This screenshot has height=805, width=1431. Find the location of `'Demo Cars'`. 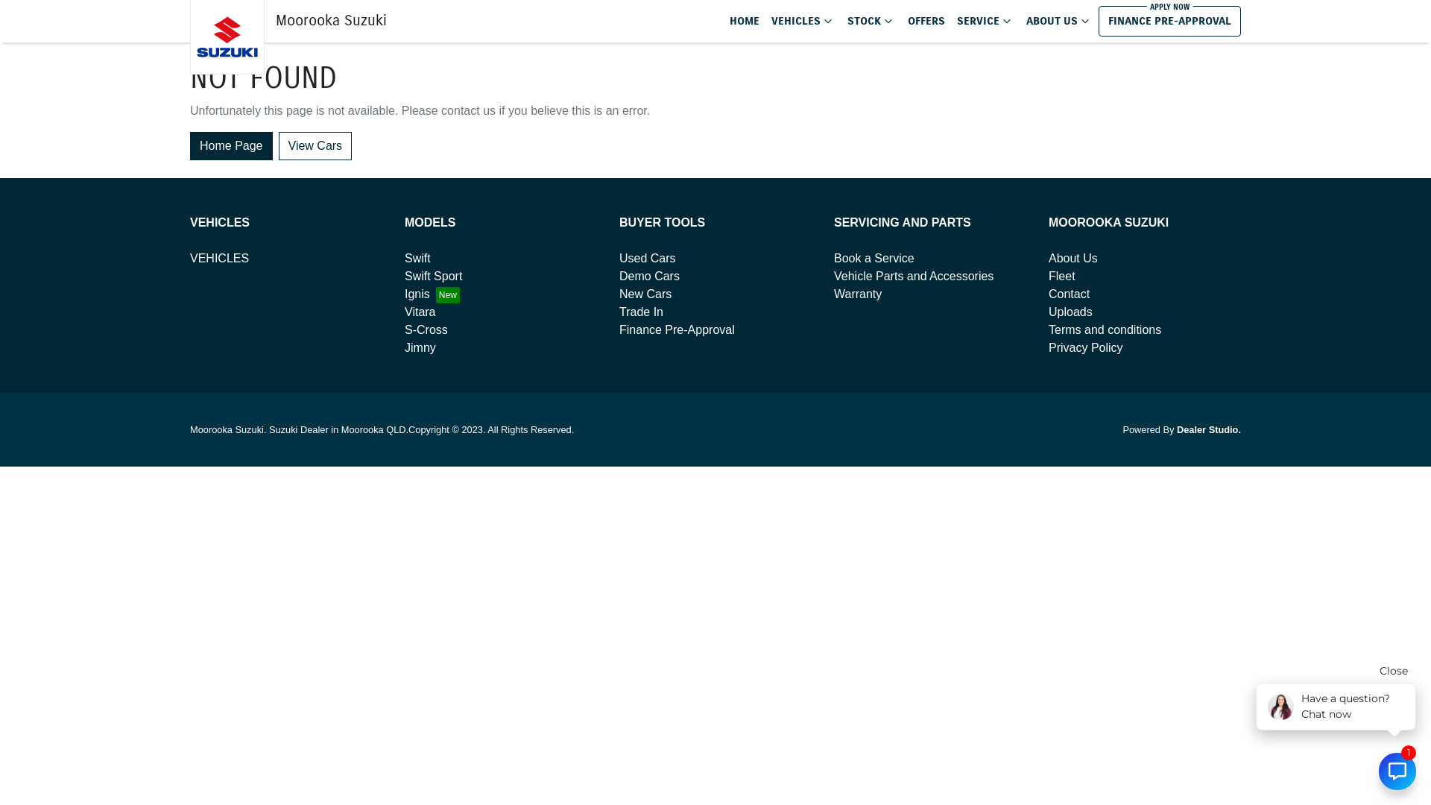

'Demo Cars' is located at coordinates (649, 276).